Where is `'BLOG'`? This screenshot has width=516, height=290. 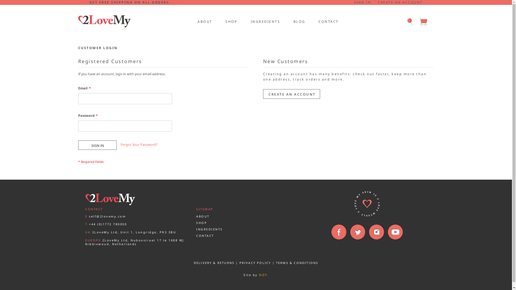 'BLOG' is located at coordinates (299, 21).